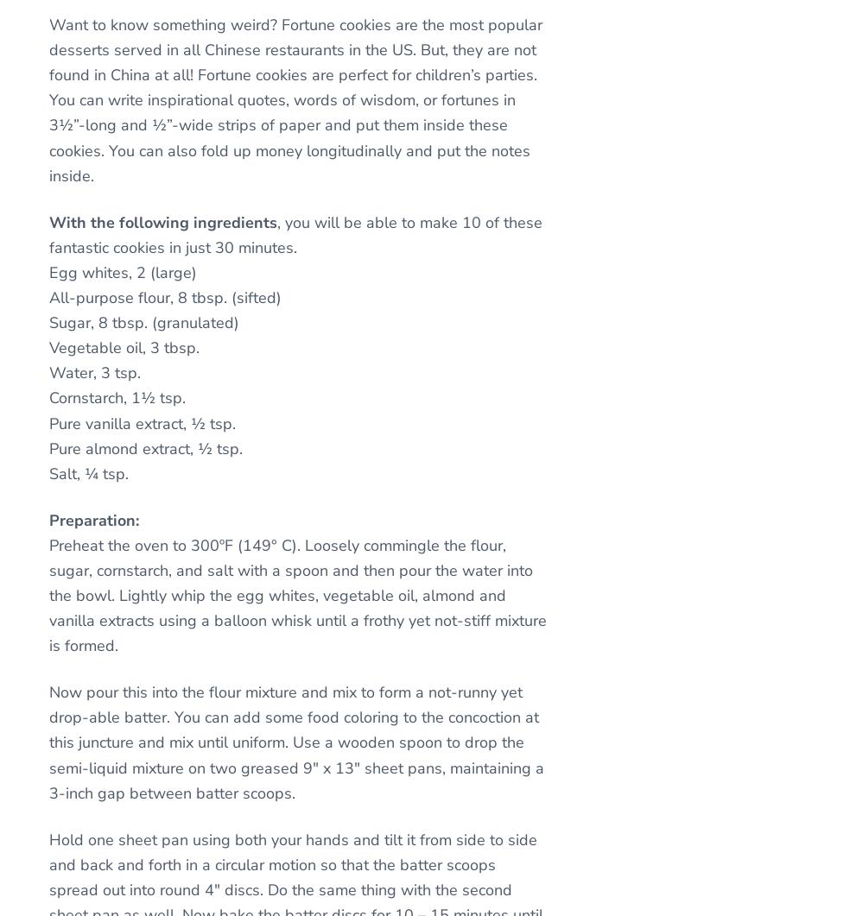 The height and width of the screenshot is (916, 850). What do you see at coordinates (295, 742) in the screenshot?
I see `'Now pour this into the flour mixture and mix to form a not-runny yet drop-able batter. You can add some food coloring to the concoction at this juncture and mix until uniform. Use a wooden spoon to drop the semi-liquid mixture on two greased 9″ x 13″ sheet pans, maintaining a 3-inch gap between batter scoops.'` at bounding box center [295, 742].